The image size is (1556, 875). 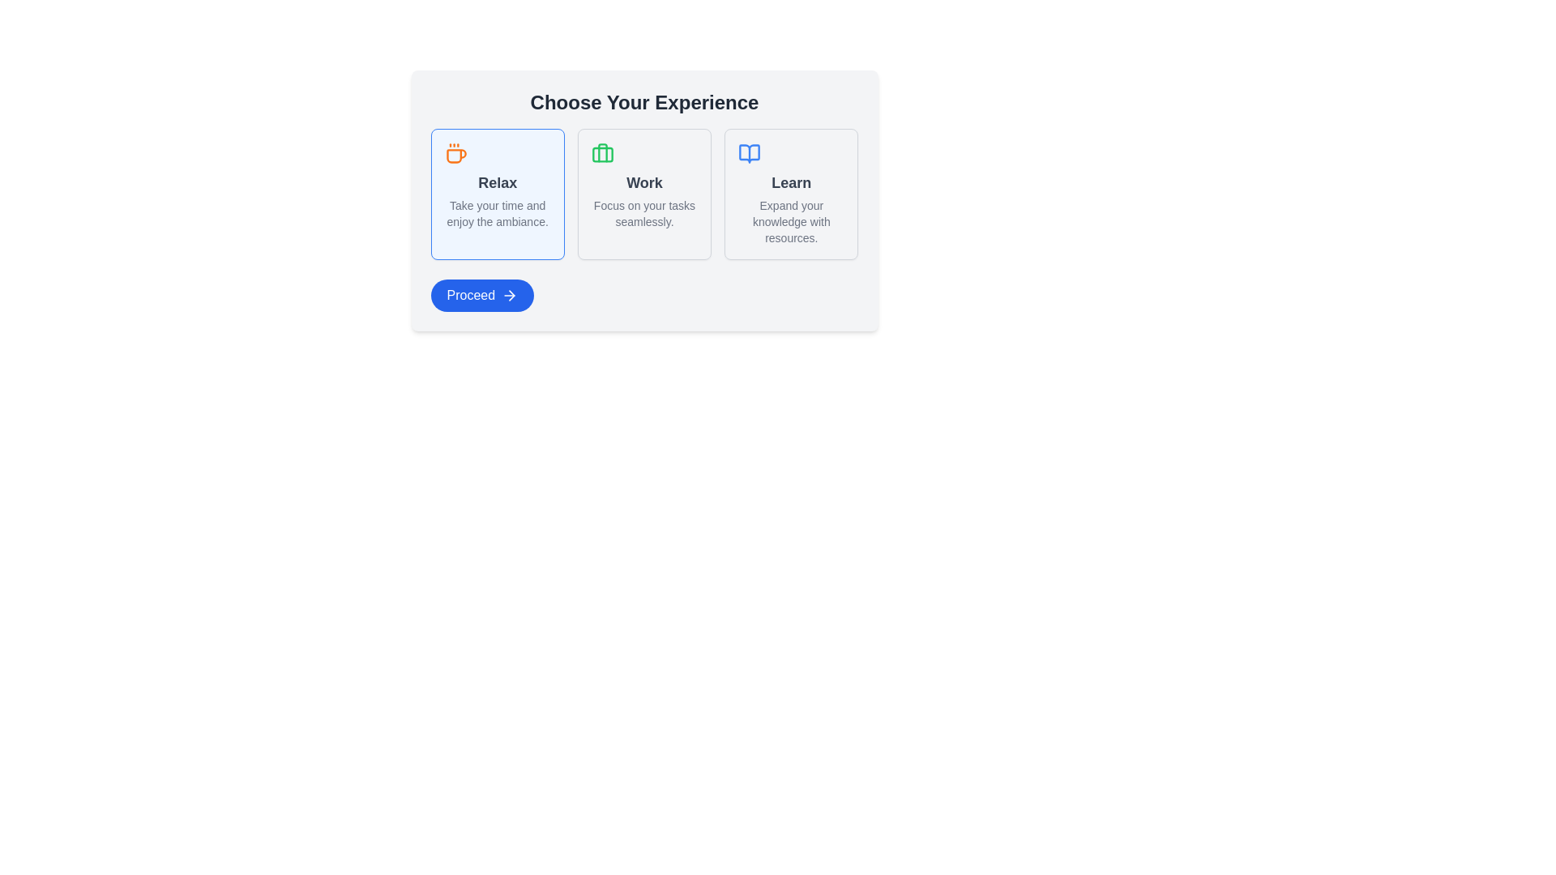 What do you see at coordinates (791, 221) in the screenshot?
I see `the text label that says 'Expand your knowledge with resources.' located within the 'Learn' card, positioned below the 'Learn' heading` at bounding box center [791, 221].